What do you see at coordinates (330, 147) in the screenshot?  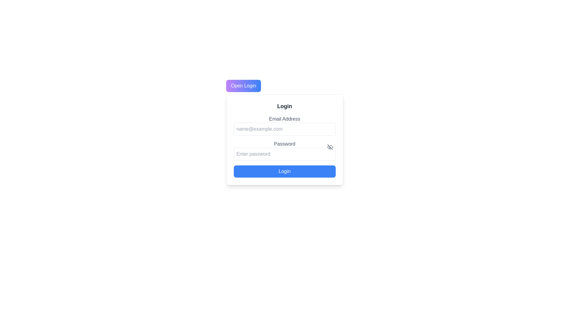 I see `the eye-shaped icon button used for toggling password visibility, located inside the password input field at the top-right corner` at bounding box center [330, 147].